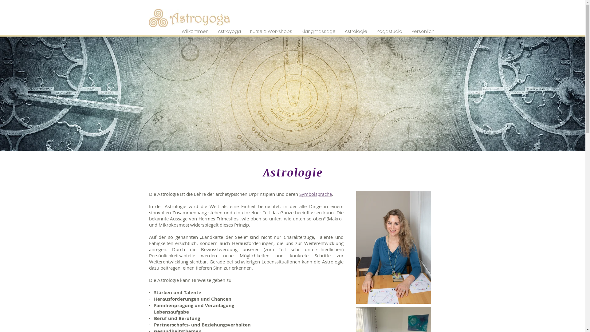 Image resolution: width=590 pixels, height=332 pixels. Describe the element at coordinates (316, 194) in the screenshot. I see `'Symbolsprache'` at that location.